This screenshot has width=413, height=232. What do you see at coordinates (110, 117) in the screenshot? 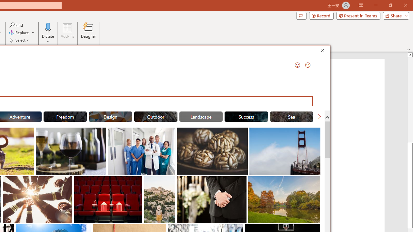
I see `'"Design" Stock Images.'` at bounding box center [110, 117].